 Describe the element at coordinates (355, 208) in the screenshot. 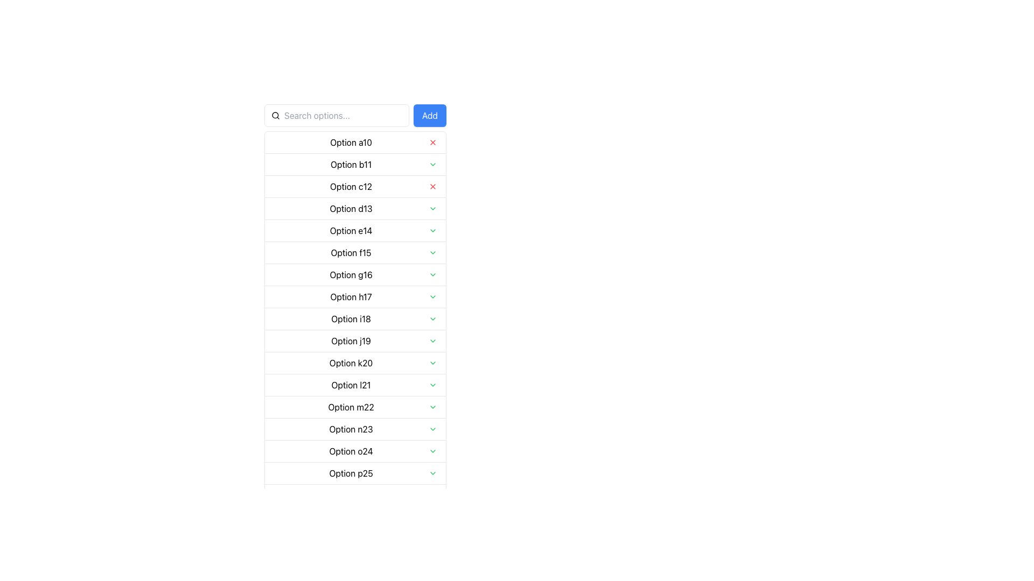

I see `the dropdown indicator of the list item labeled 'Option d13'` at that location.